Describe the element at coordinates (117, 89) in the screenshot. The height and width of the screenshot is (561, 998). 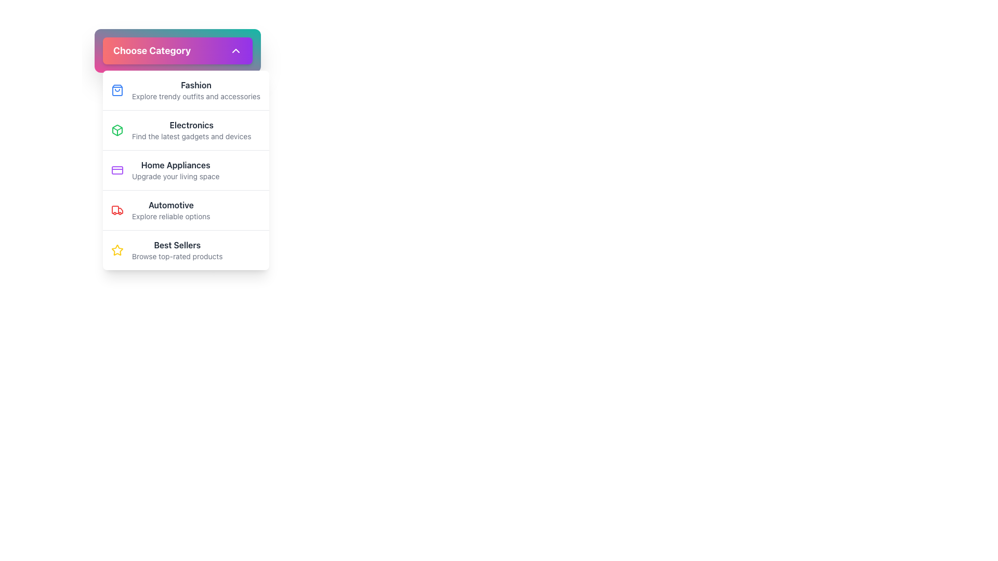
I see `the 'Fashion' category icon located at the leftmost side of the 'Fashion' text for visual context` at that location.